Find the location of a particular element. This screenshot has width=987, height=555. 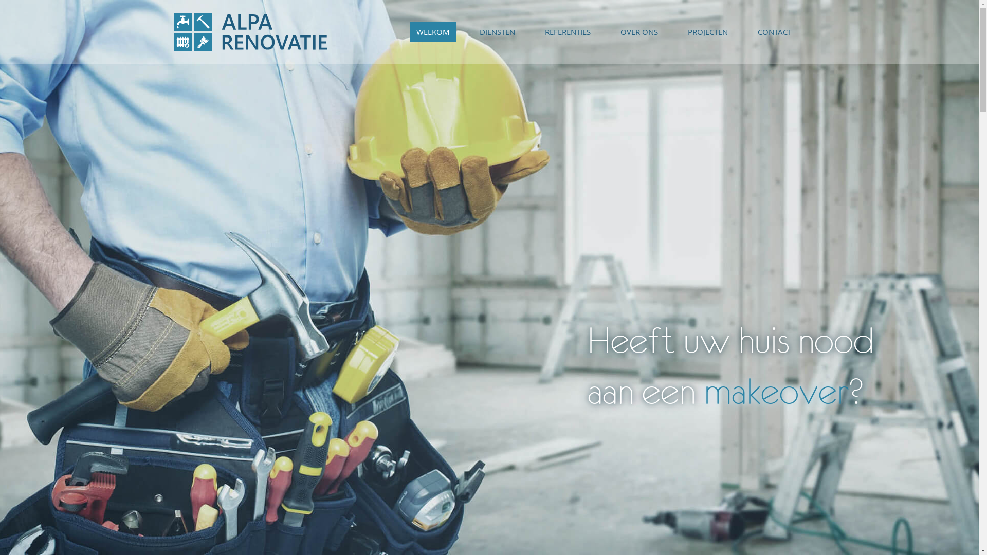

'CONTACT' is located at coordinates (775, 31).